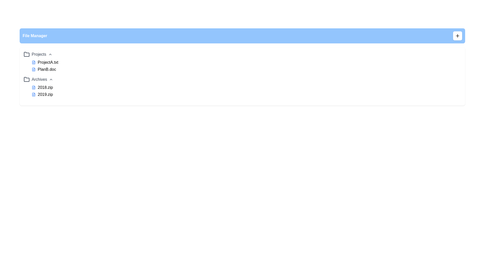 This screenshot has width=483, height=271. Describe the element at coordinates (45, 95) in the screenshot. I see `the text label displaying the file name '2019.zip' in the 'Archives' section of the file manager` at that location.